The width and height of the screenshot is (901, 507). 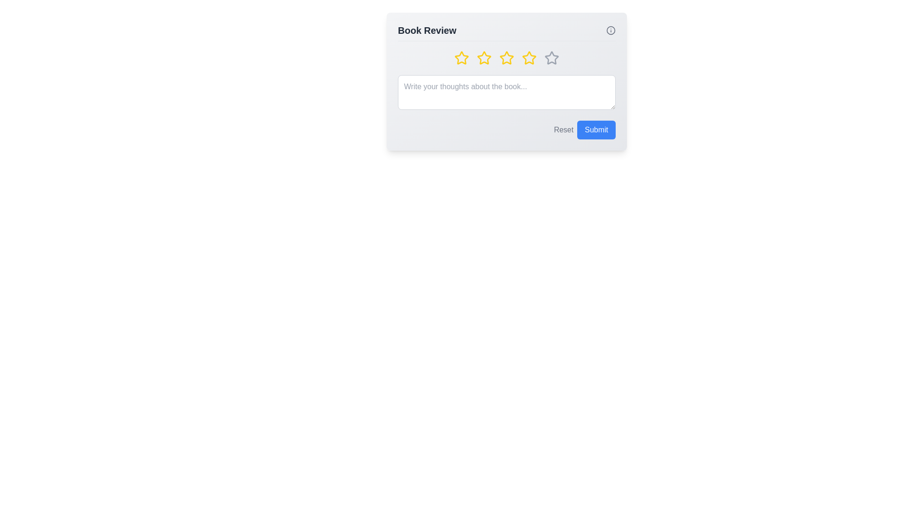 I want to click on the star corresponding to 3 to preview the rating, so click(x=506, y=58).